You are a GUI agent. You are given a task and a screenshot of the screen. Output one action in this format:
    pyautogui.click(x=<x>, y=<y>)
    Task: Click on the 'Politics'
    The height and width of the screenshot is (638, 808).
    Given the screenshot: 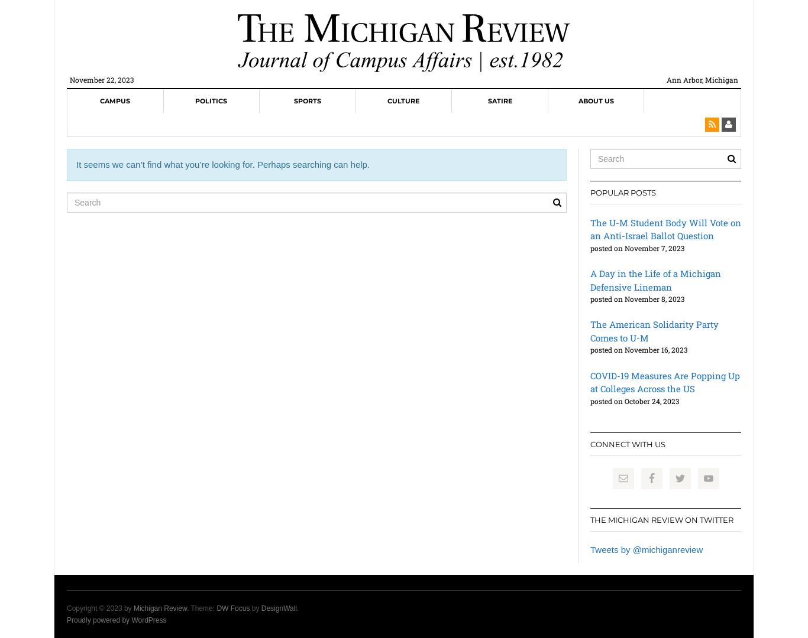 What is the action you would take?
    pyautogui.click(x=210, y=99)
    